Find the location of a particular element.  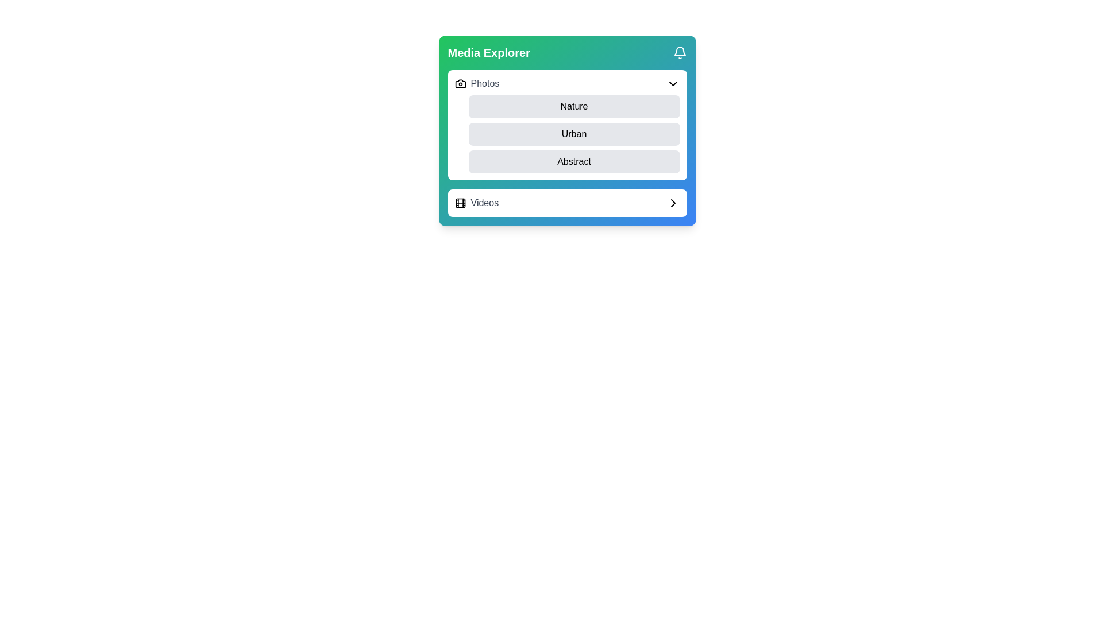

the 'Photos' text label located in the upper part of the 'Media Explorer' card interface, to the right of the camera icon is located at coordinates (485, 83).